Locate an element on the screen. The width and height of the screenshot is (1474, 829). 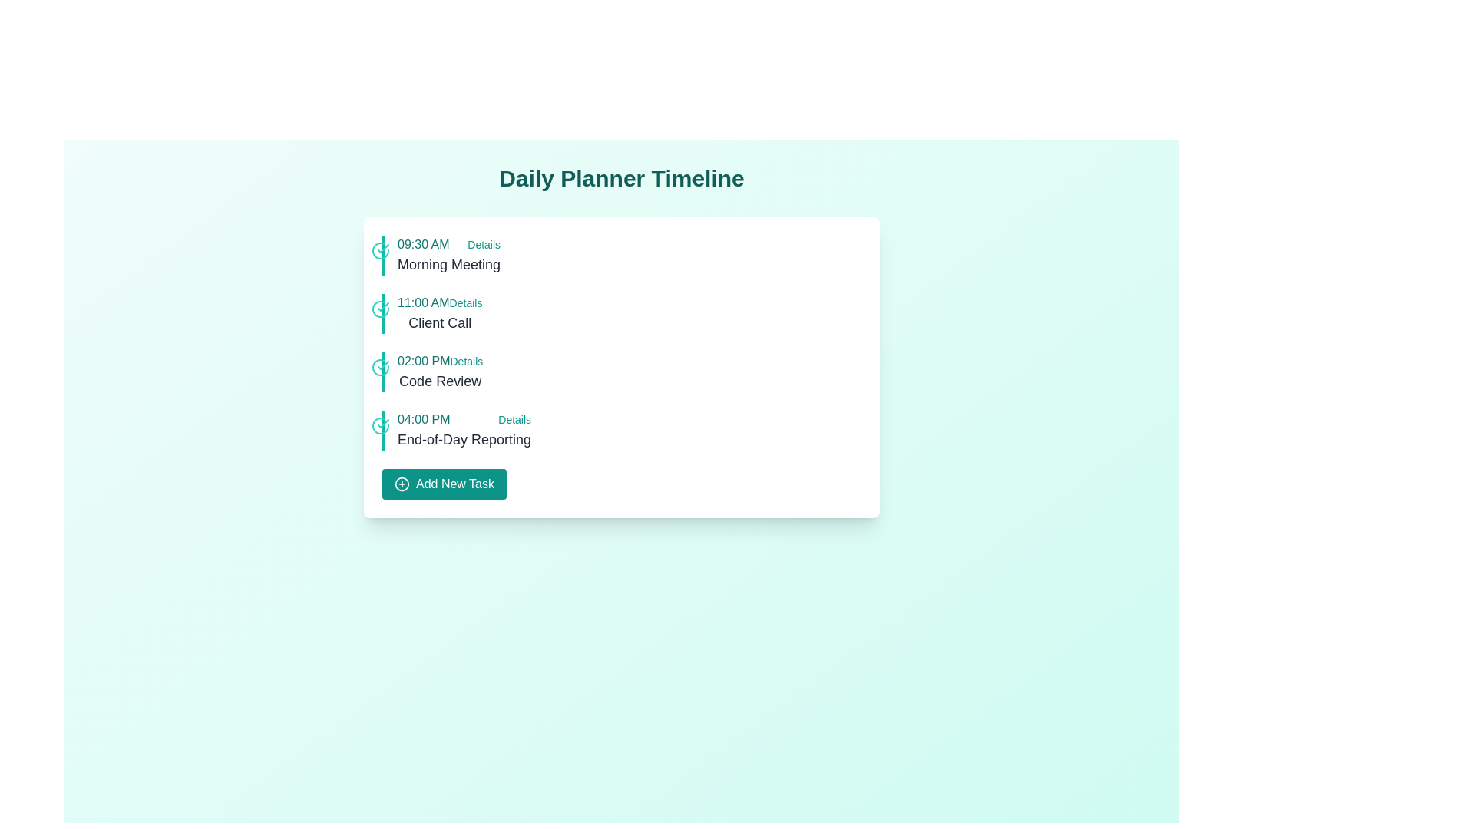
the Text label displaying 'Client Call', which is positioned below the '11:00 AM Details' and above the '02:00 PM' entry in the timeline interface is located at coordinates (439, 322).